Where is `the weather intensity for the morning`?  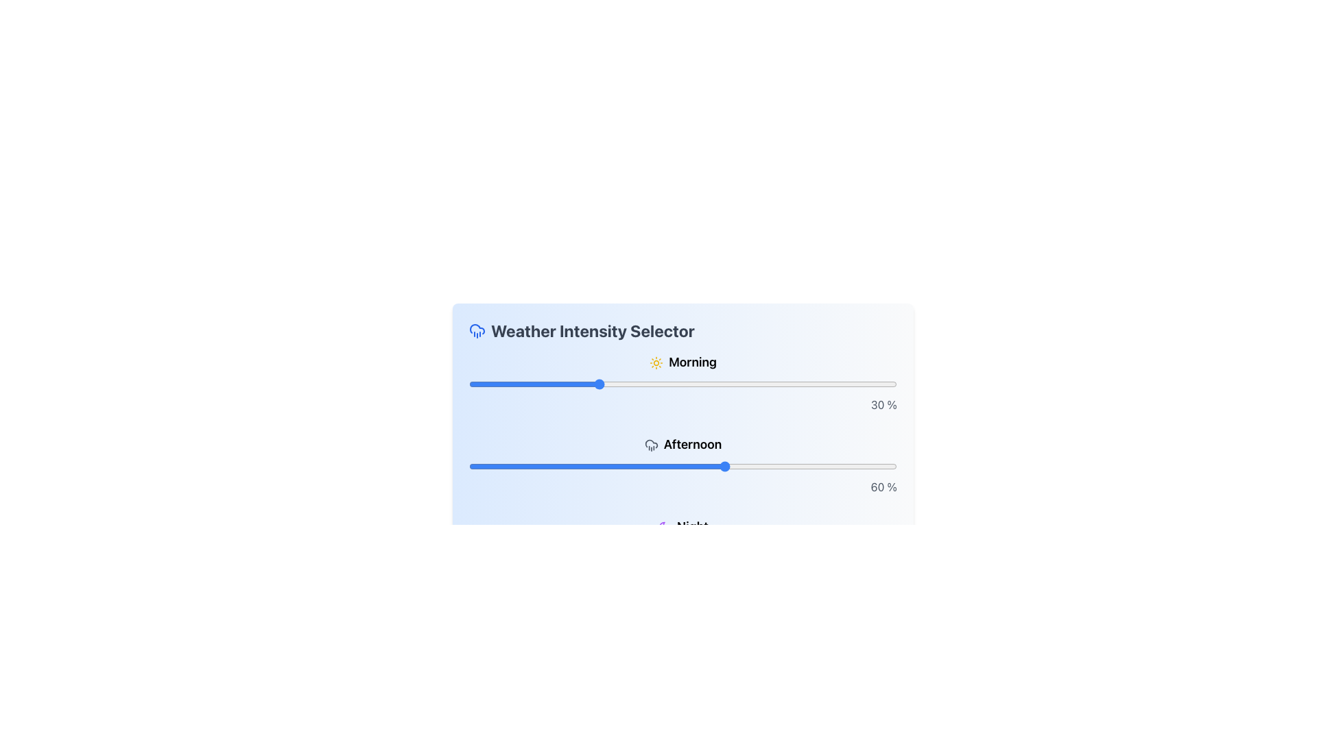
the weather intensity for the morning is located at coordinates (725, 384).